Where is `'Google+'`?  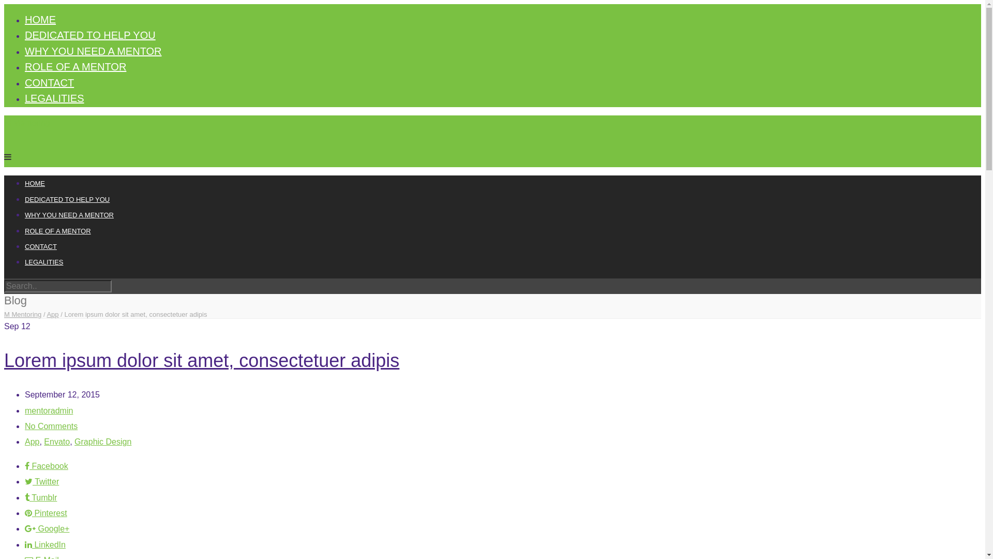
'Google+' is located at coordinates (47, 528).